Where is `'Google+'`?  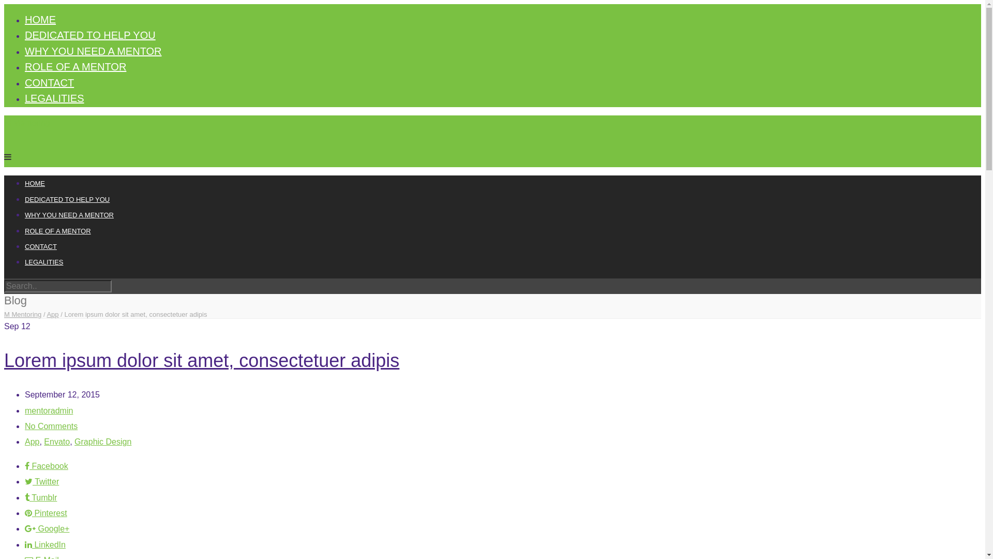
'Google+' is located at coordinates (47, 528).